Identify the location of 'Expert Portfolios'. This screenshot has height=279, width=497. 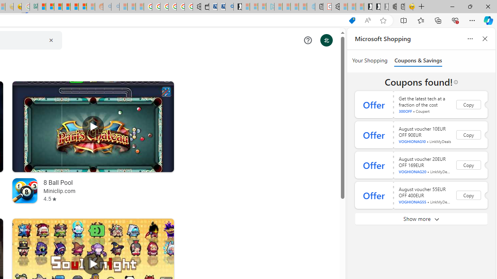
(66, 7).